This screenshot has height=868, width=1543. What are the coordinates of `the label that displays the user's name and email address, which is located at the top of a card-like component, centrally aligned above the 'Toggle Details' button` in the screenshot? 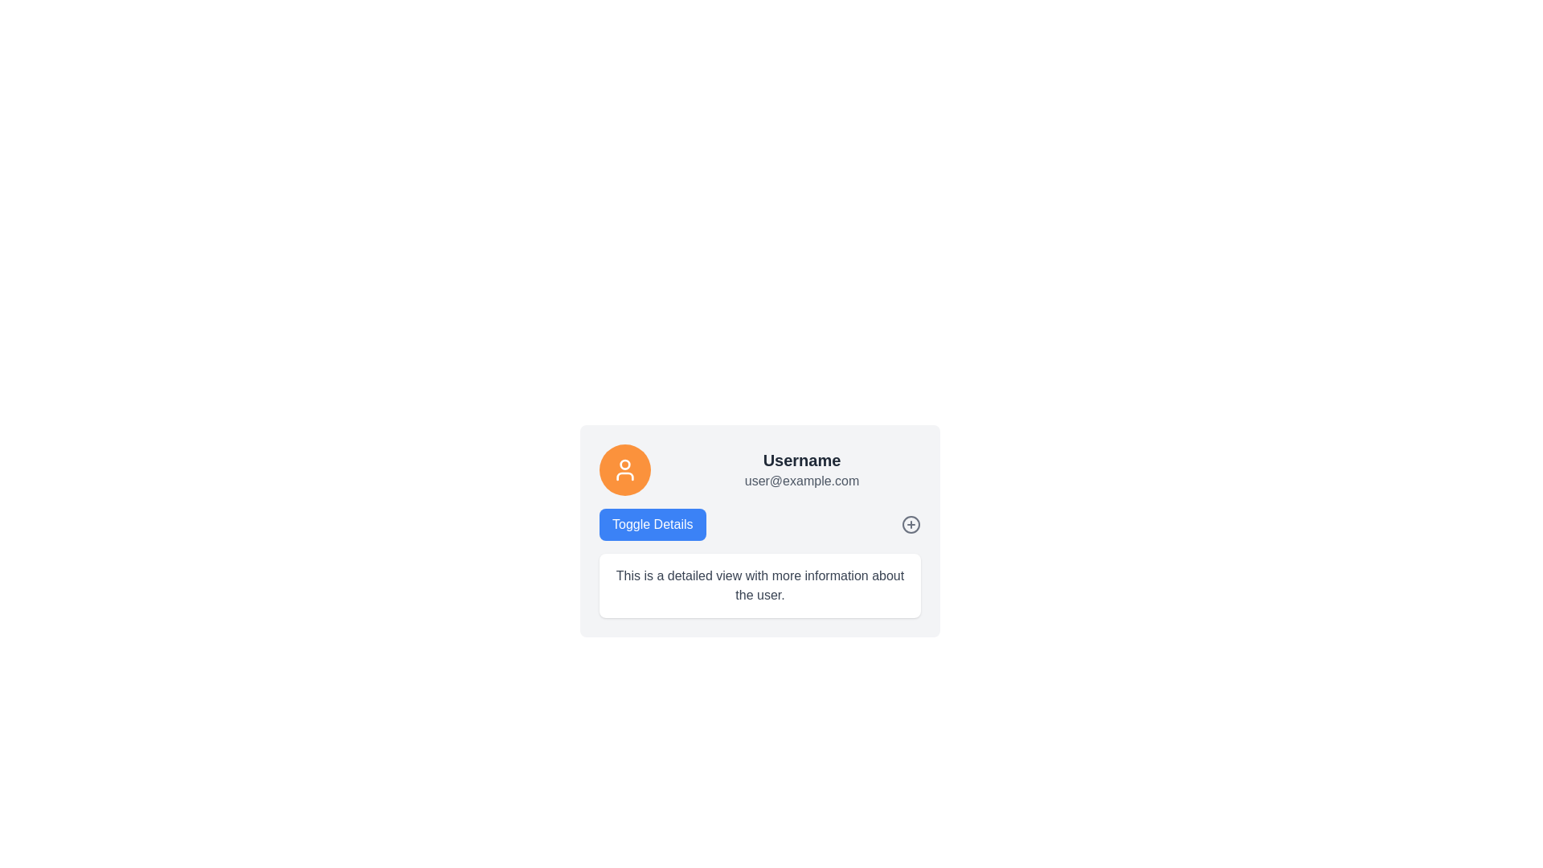 It's located at (759, 470).